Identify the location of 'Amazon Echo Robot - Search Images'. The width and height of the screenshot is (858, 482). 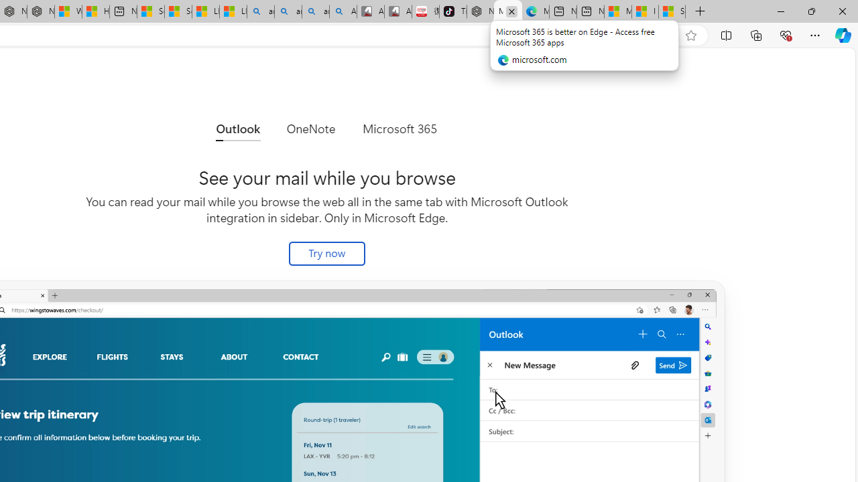
(343, 11).